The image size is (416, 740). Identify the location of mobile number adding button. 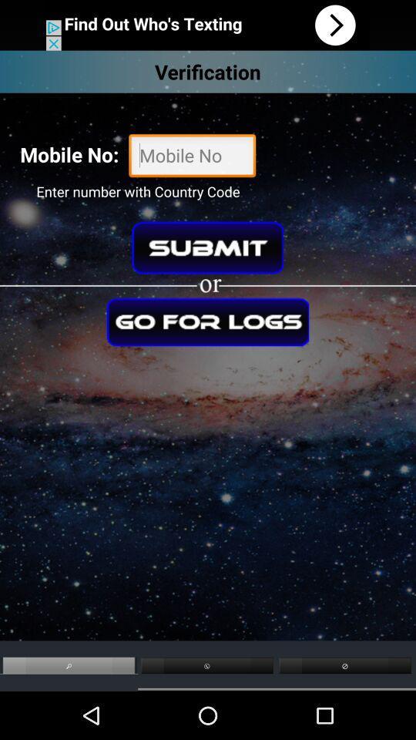
(192, 157).